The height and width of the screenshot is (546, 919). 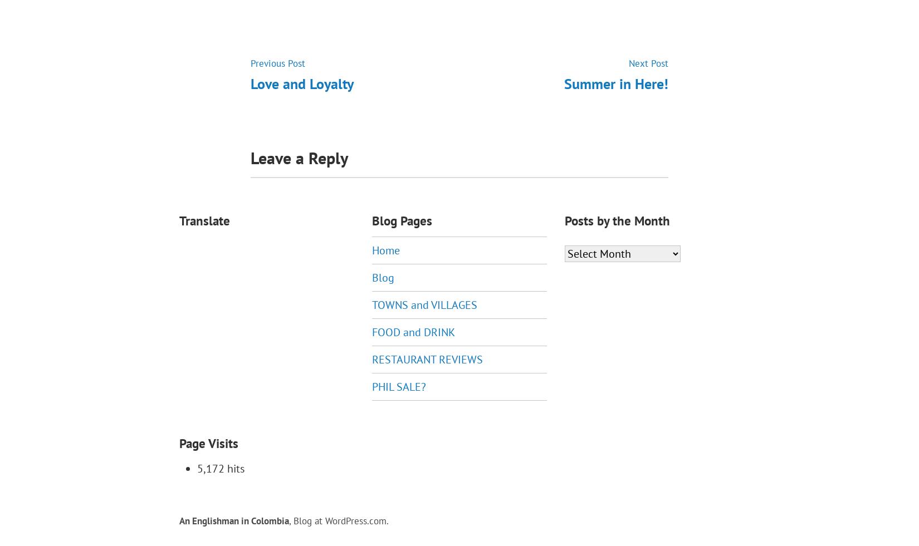 I want to click on 'Page Visits', so click(x=209, y=443).